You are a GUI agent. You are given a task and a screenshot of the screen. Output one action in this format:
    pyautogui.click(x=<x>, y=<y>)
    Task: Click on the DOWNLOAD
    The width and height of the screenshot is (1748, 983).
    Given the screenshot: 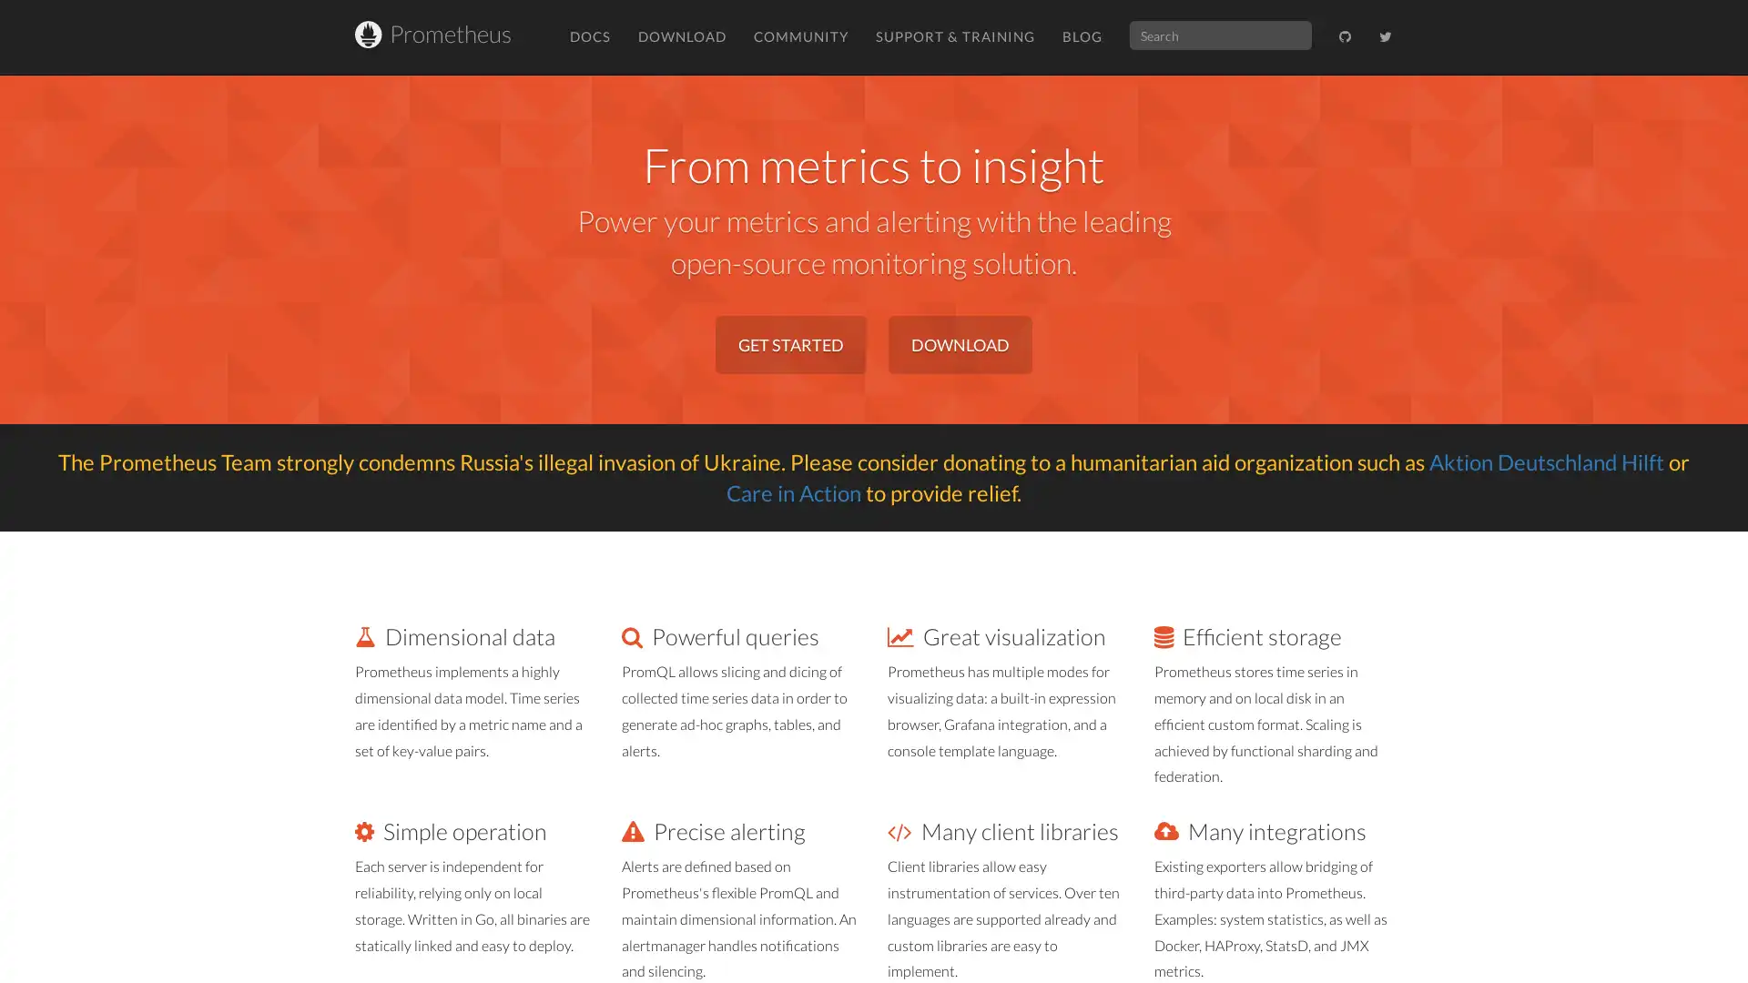 What is the action you would take?
    pyautogui.click(x=960, y=344)
    